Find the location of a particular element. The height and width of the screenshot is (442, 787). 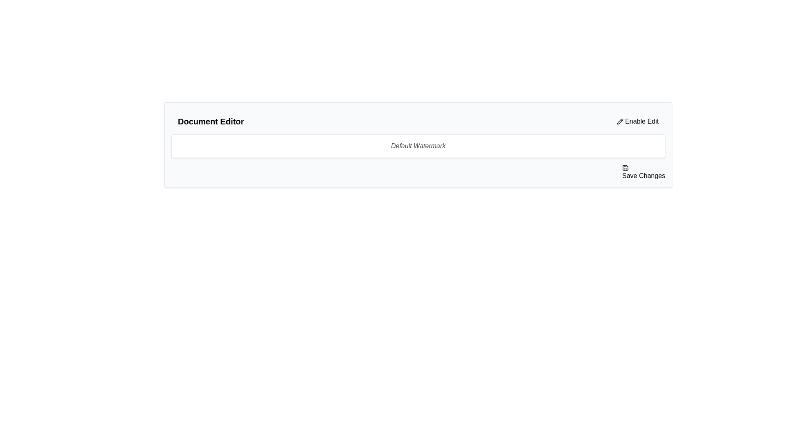

the save button which consists of a floppy disk icon and the text 'Save Changes' located at the bottom right of the Document Editor section is located at coordinates (625, 167).